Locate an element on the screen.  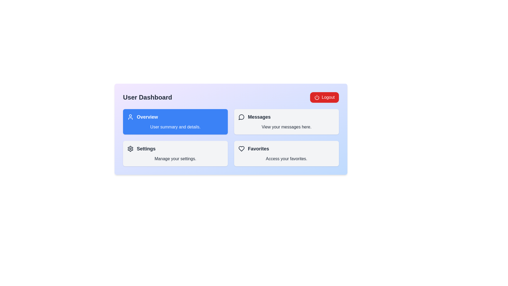
the text label displaying 'User summary and details.' is located at coordinates (175, 127).